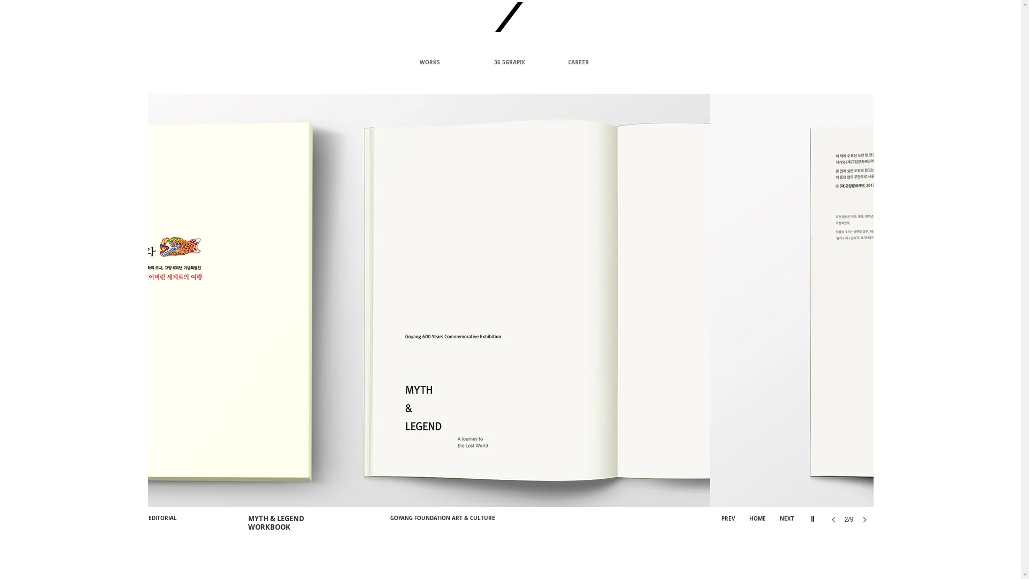 The width and height of the screenshot is (1029, 579). What do you see at coordinates (596, 62) in the screenshot?
I see `'CAREER'` at bounding box center [596, 62].